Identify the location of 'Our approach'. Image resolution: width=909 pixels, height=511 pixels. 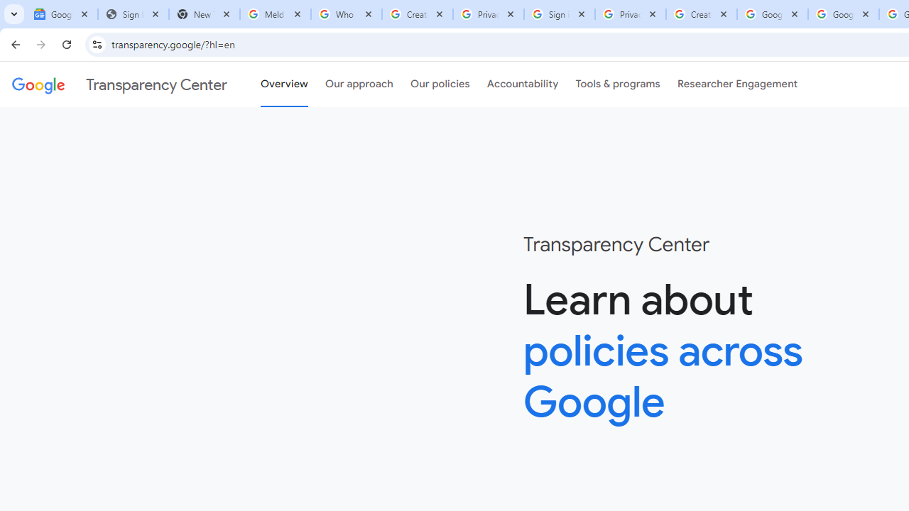
(359, 84).